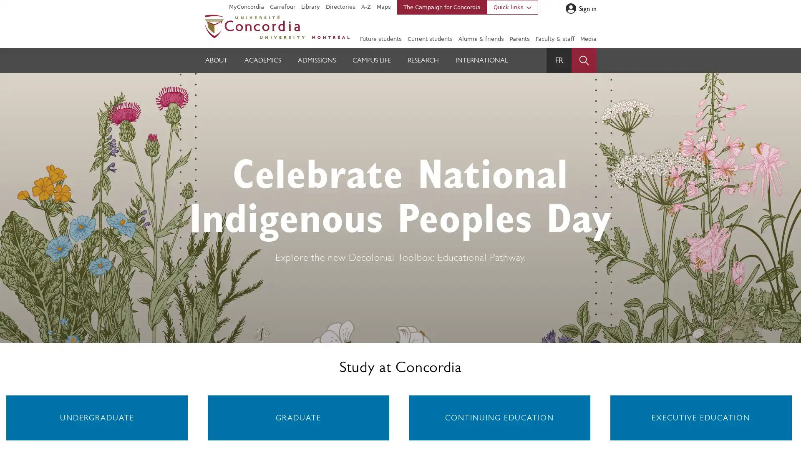 This screenshot has width=801, height=450. Describe the element at coordinates (482, 60) in the screenshot. I see `INTERNATIONAL` at that location.